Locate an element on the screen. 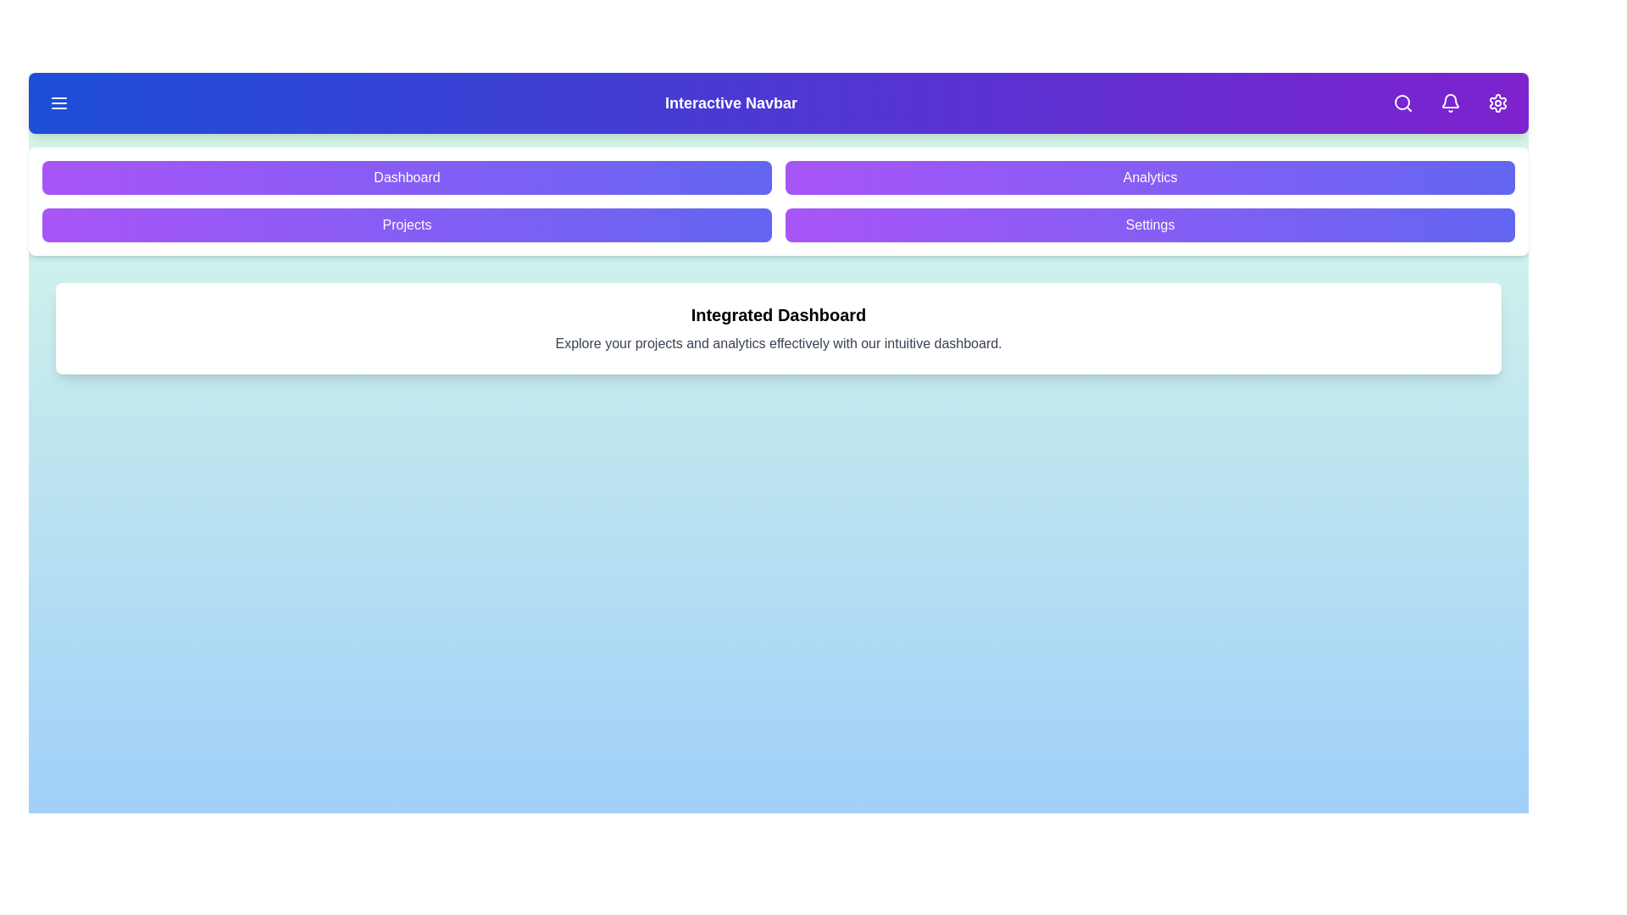  the menu toggle button to toggle the menu visibility is located at coordinates (59, 103).